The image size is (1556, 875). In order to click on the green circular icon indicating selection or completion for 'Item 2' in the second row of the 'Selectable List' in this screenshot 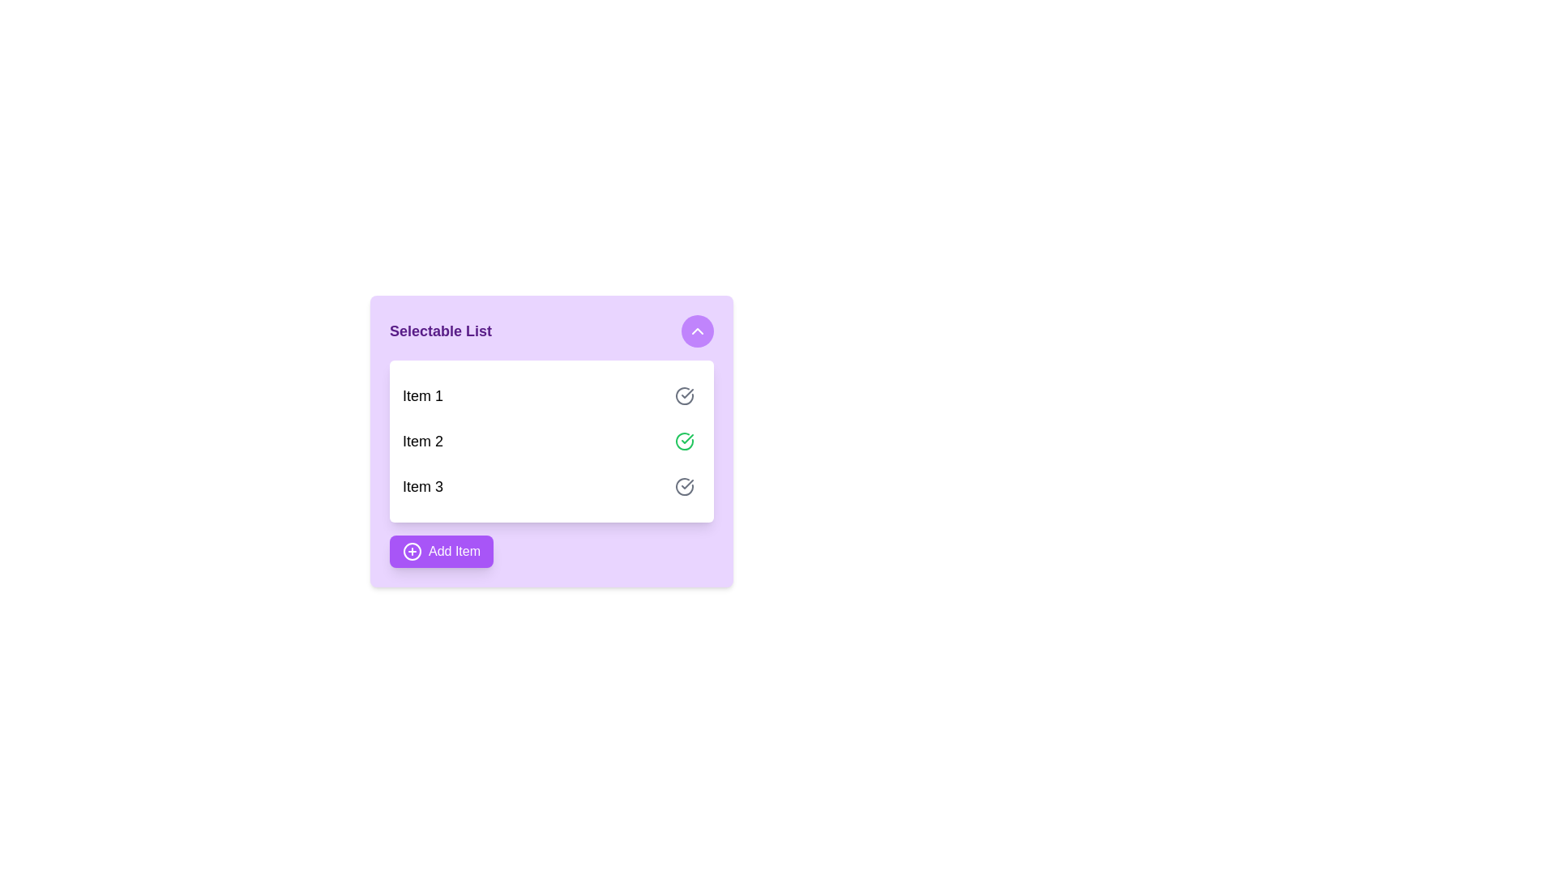, I will do `click(687, 483)`.